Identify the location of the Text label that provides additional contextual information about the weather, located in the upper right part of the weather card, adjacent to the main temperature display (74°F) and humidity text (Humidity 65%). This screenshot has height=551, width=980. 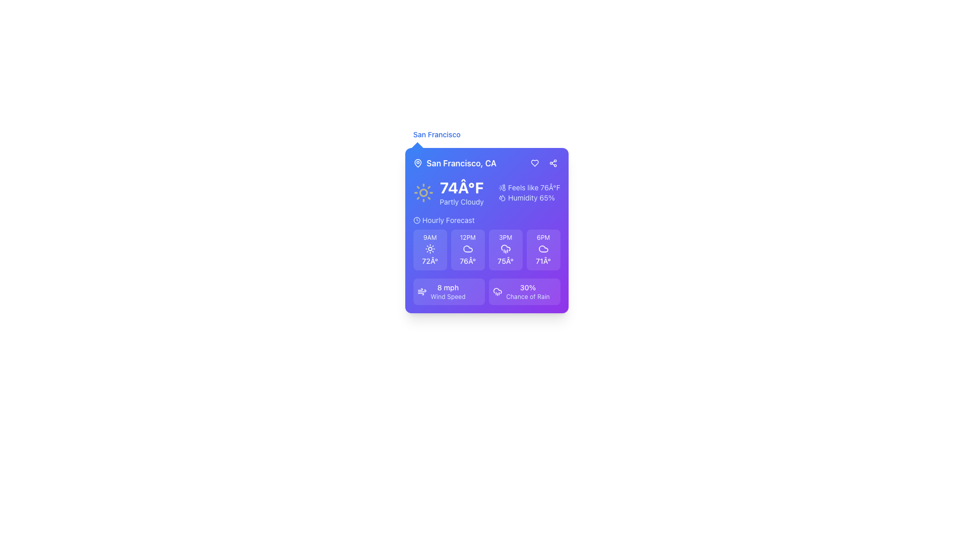
(533, 187).